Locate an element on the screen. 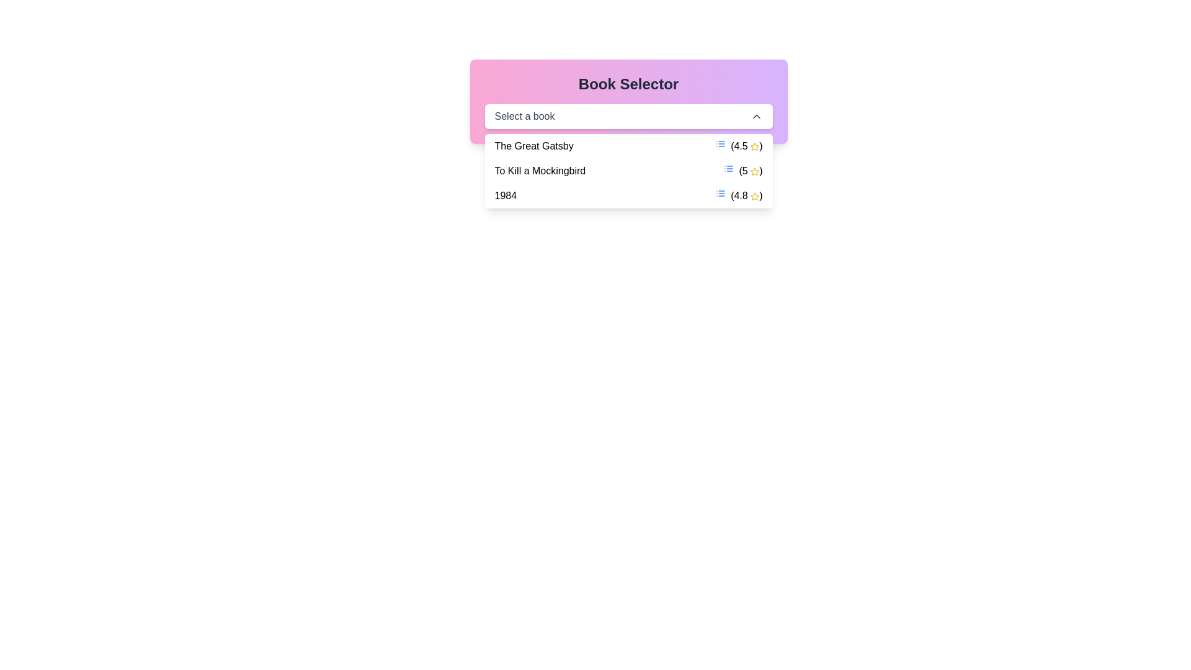 The image size is (1191, 670). the star icon representing the rating for the book 'The Great Gatsby', located to the right of the title and its numeric rating '(4.5)' is located at coordinates (754, 146).